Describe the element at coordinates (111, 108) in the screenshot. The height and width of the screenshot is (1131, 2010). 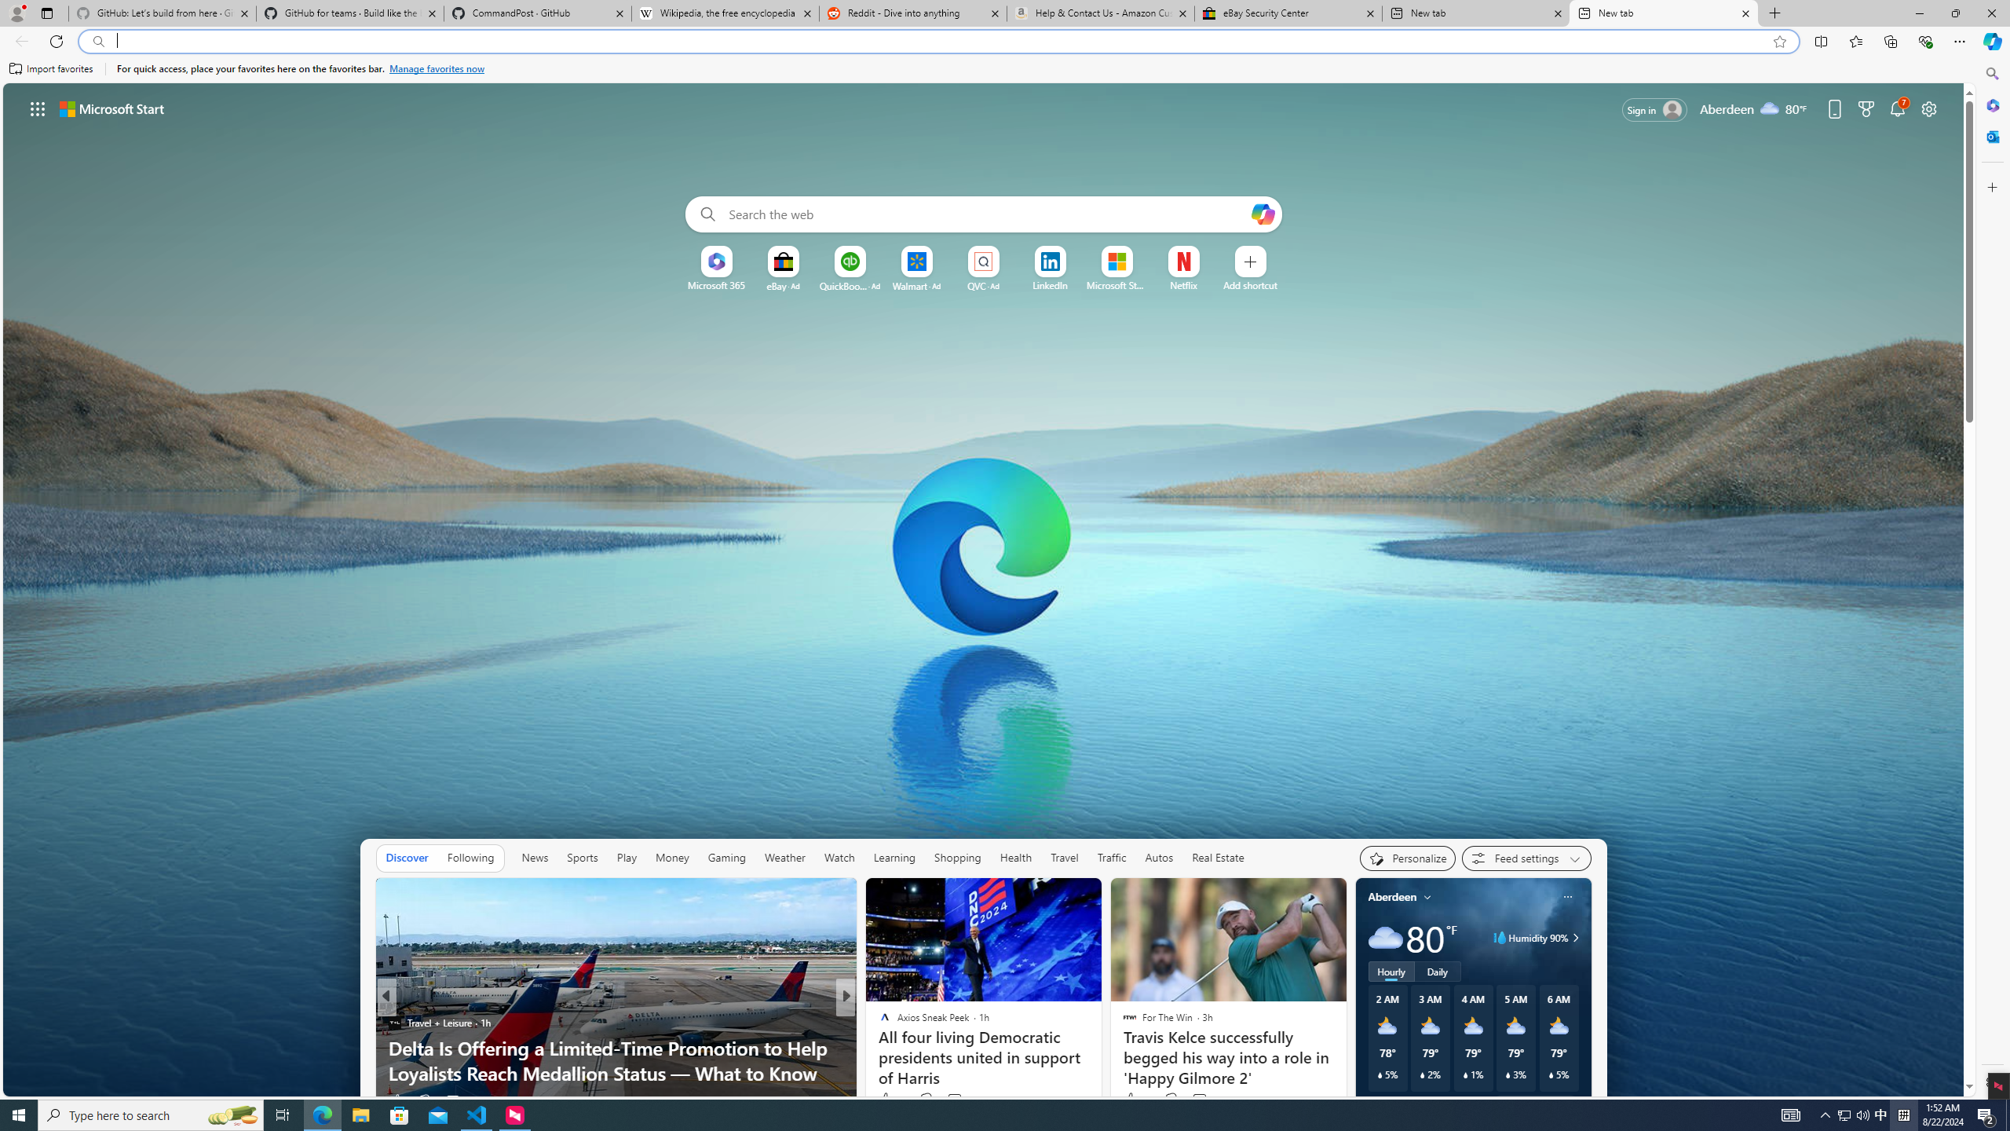
I see `'Microsoft start'` at that location.